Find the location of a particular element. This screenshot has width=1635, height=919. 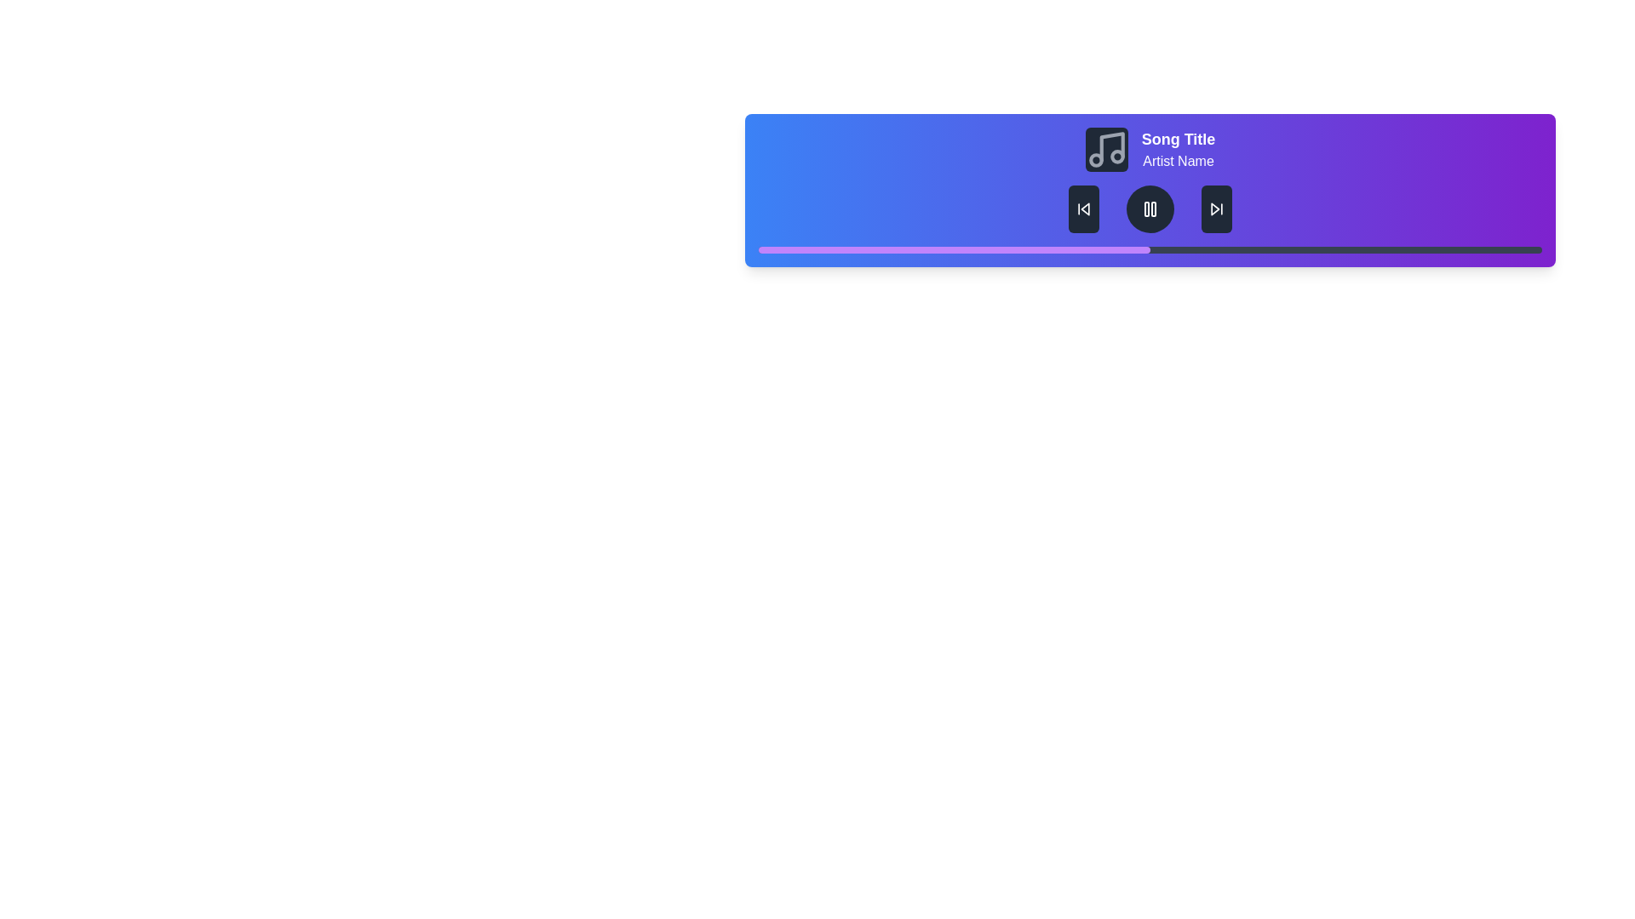

the Decorative Circle element within the SVG graphic that is part of a music-related icon, positioned to the right of two other circles is located at coordinates (1117, 157).